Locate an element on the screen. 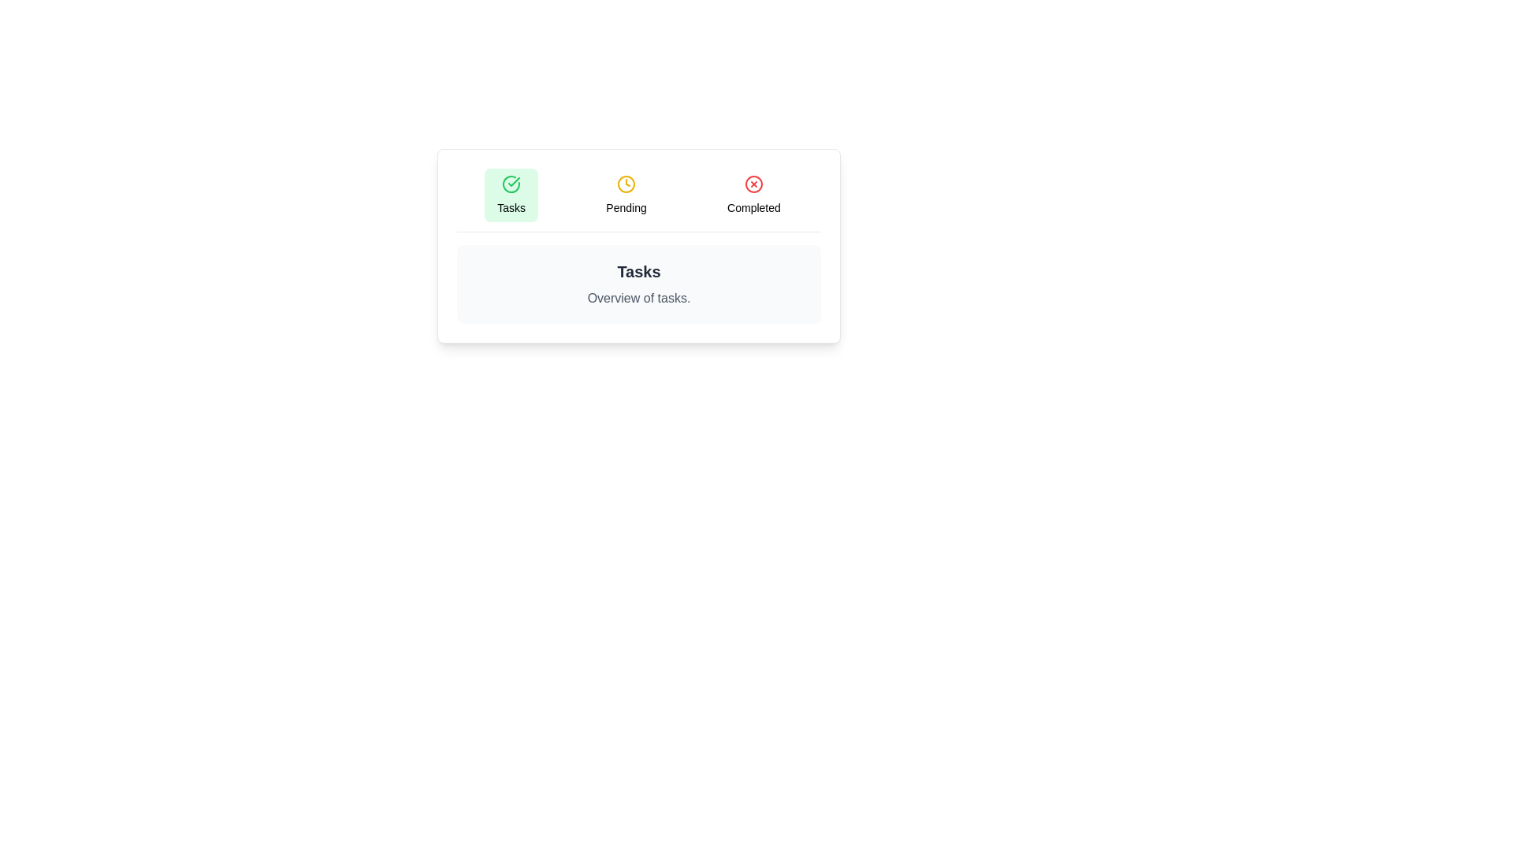  the tab labeled Completed is located at coordinates (753, 194).